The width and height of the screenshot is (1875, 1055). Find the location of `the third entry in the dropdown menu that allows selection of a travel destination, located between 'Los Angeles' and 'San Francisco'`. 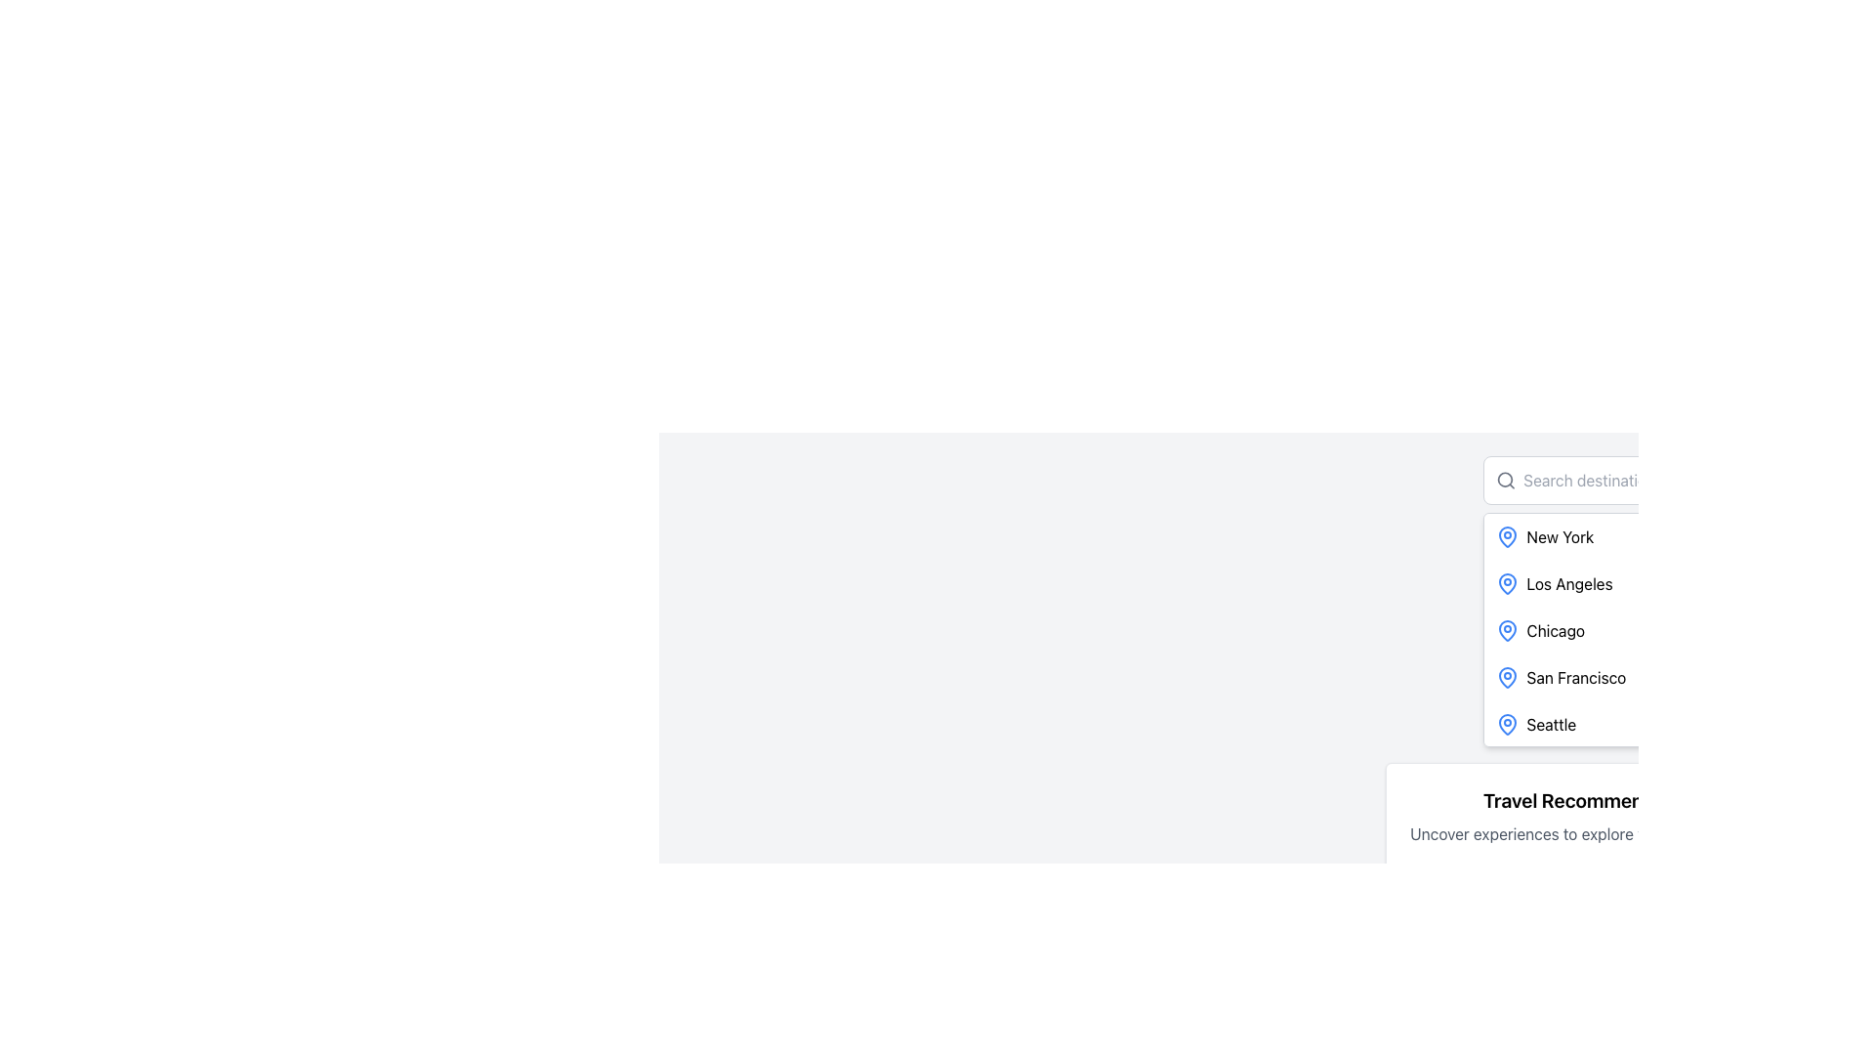

the third entry in the dropdown menu that allows selection of a travel destination, located between 'Los Angeles' and 'San Francisco' is located at coordinates (1597, 630).